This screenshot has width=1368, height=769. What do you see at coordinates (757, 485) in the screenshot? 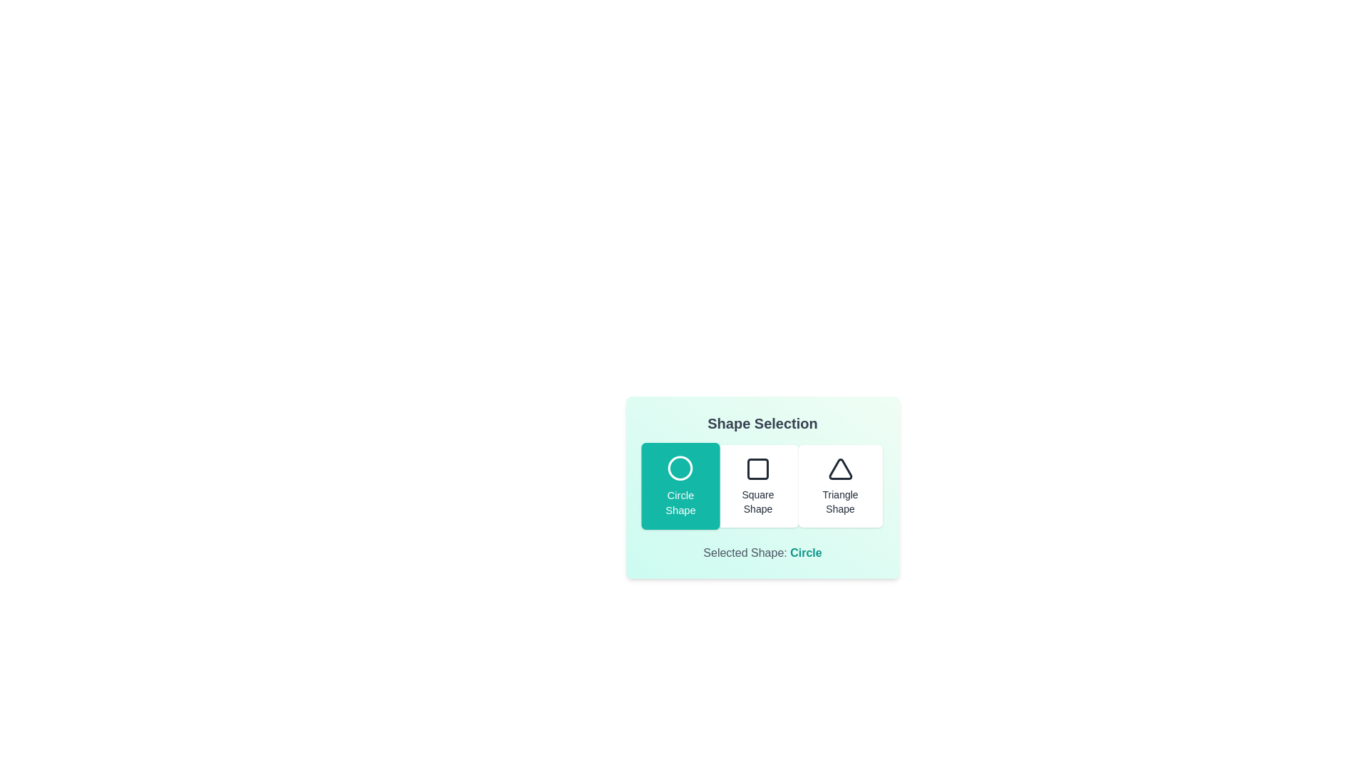
I see `the square button to observe its hover effect` at bounding box center [757, 485].